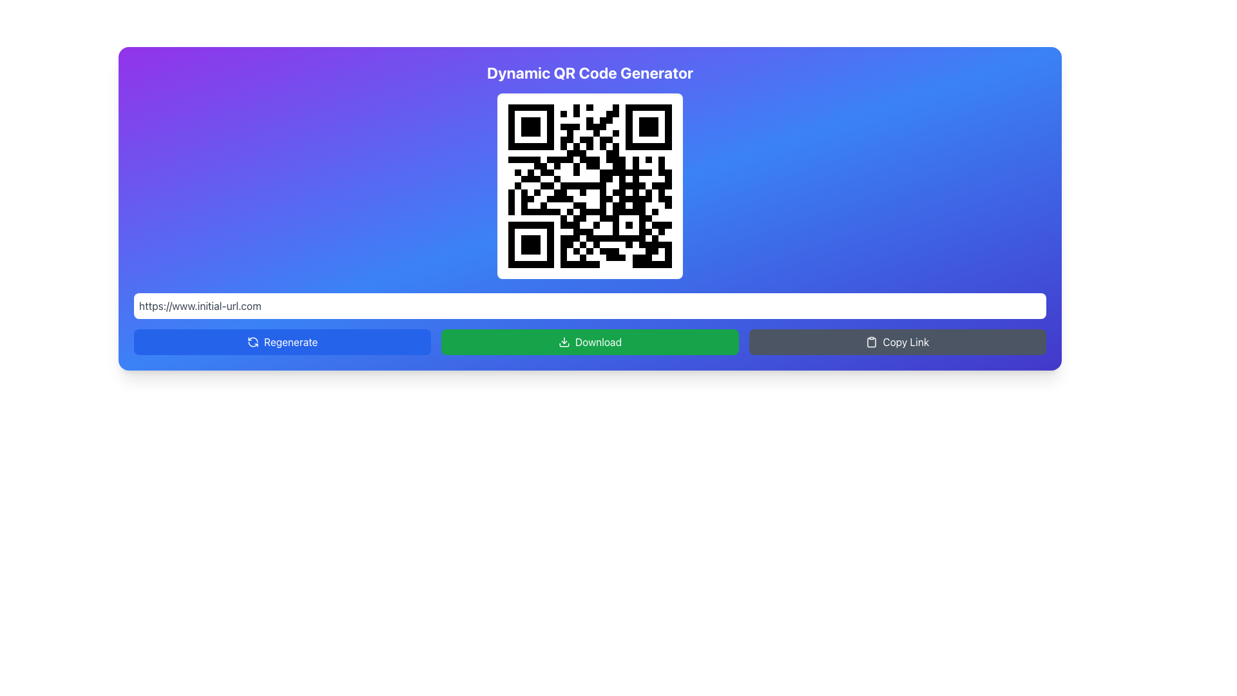 Image resolution: width=1237 pixels, height=696 pixels. Describe the element at coordinates (590, 72) in the screenshot. I see `the Heading (H1) that indicates the title of the dynamic QR code generator interface, which is centrally aligned at the top of the box` at that location.